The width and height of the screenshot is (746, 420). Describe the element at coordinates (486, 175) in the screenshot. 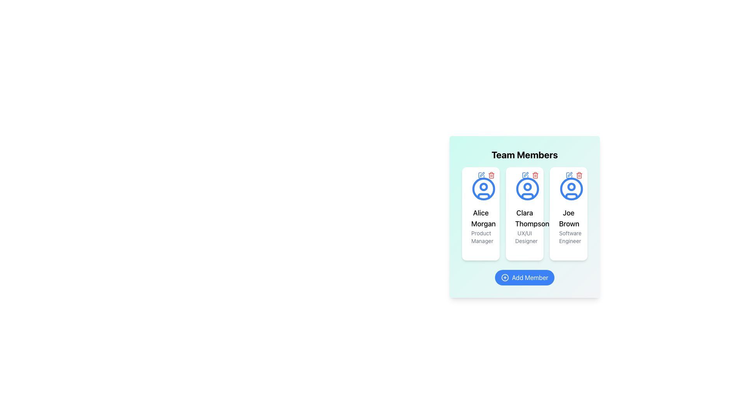

I see `the button group at the upper-right corner of Alice Morgan's profile card` at that location.